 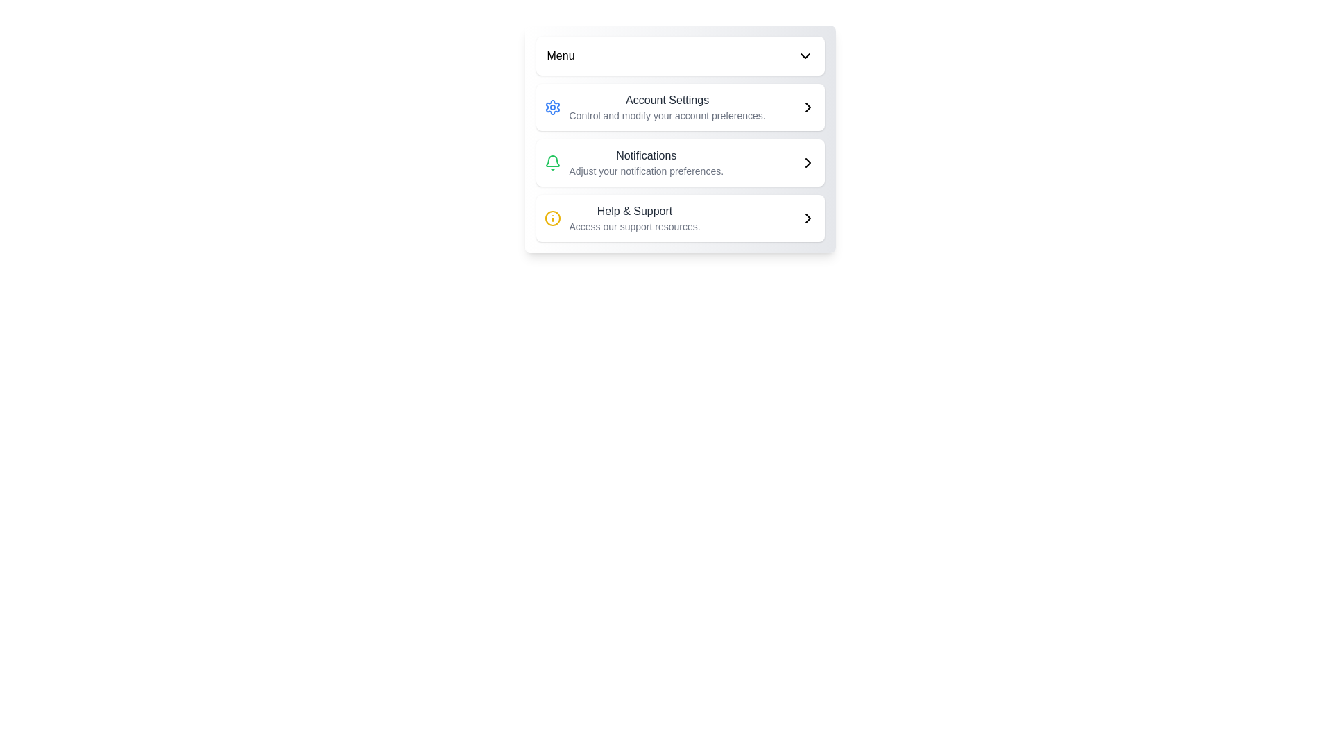 I want to click on the notification indicator icon, so click(x=552, y=162).